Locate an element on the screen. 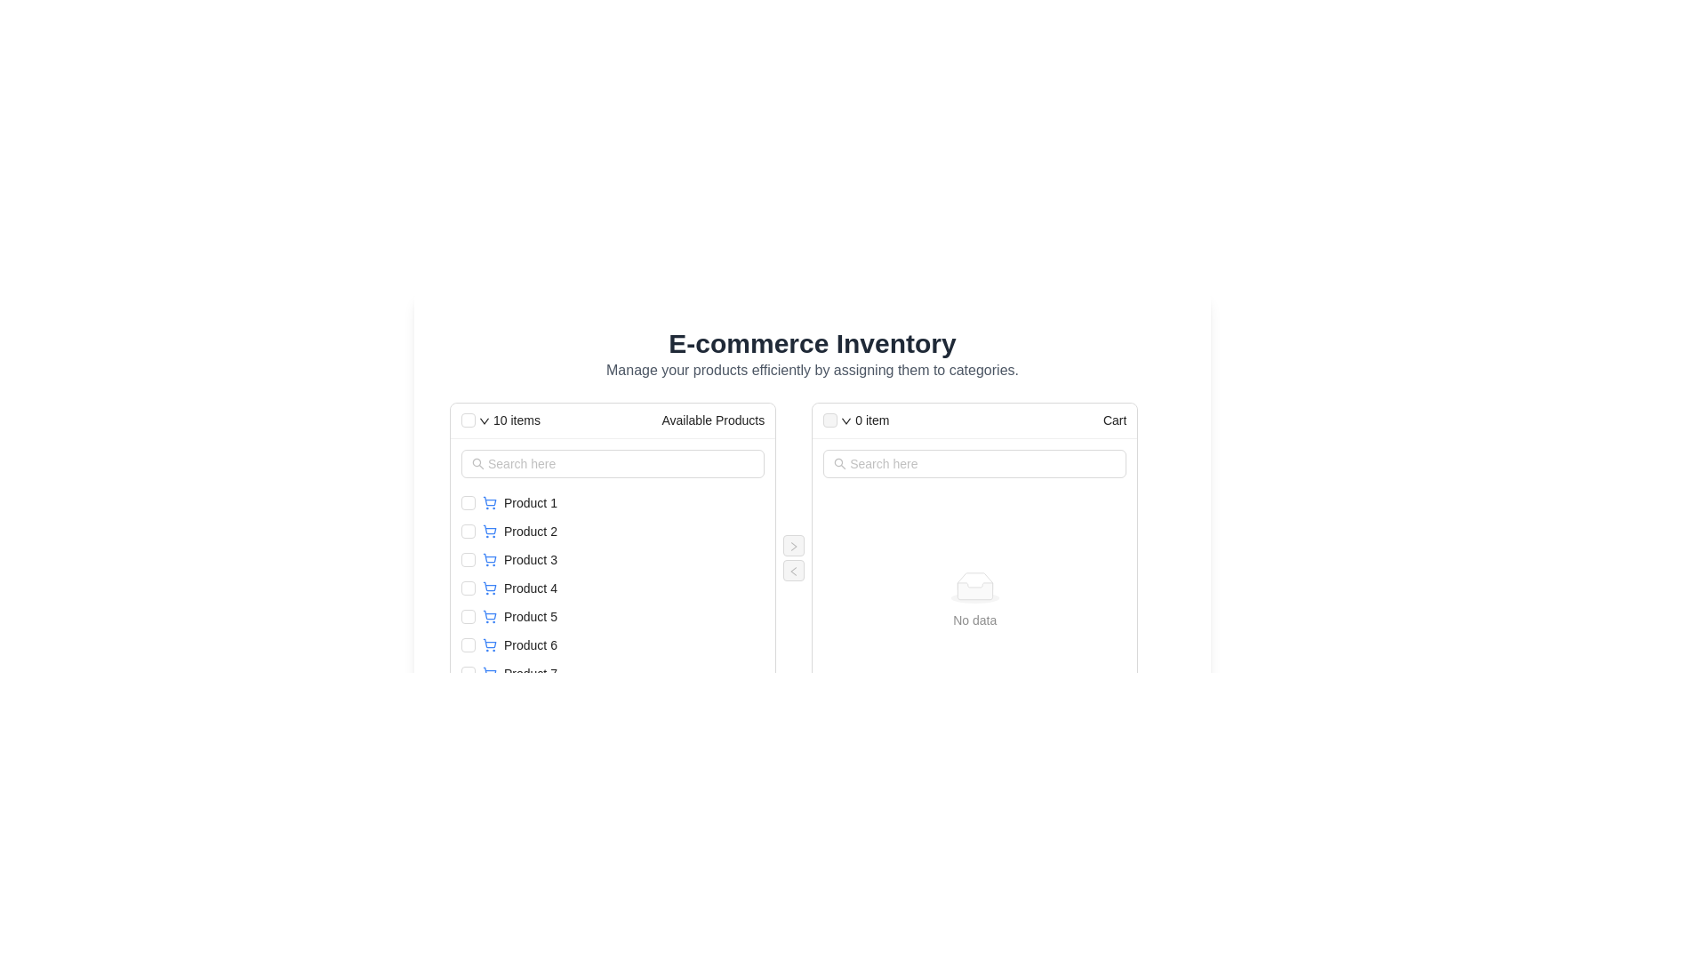 Image resolution: width=1707 pixels, height=960 pixels. the checkbox styled with a square box design located next to the text 'Product 3' in the 'Available Products' list is located at coordinates (469, 558).